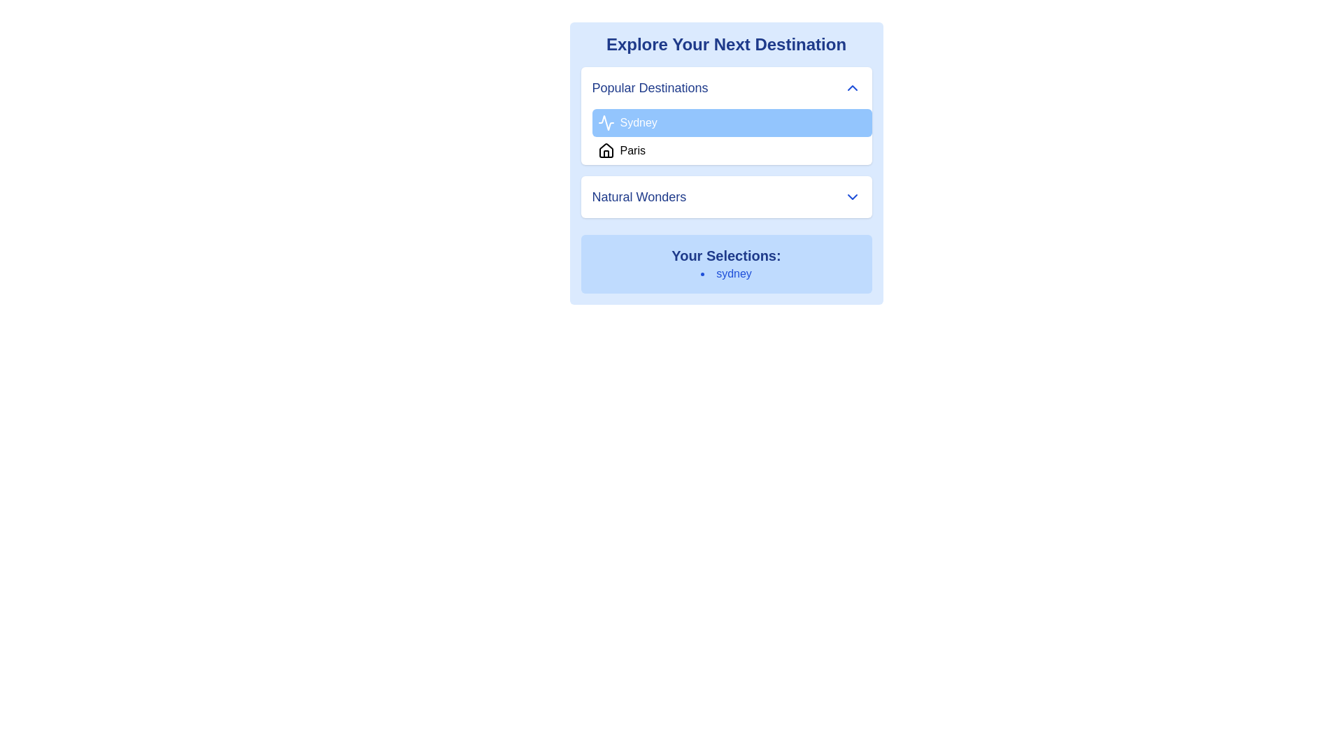 This screenshot has width=1343, height=755. Describe the element at coordinates (726, 143) in the screenshot. I see `on the 'Popular Destinations' section` at that location.